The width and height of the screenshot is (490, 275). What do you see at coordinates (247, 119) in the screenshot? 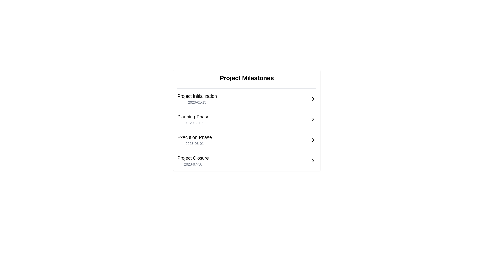
I see `the second item in the vertically aligned list representing the Planning Phase milestone` at bounding box center [247, 119].